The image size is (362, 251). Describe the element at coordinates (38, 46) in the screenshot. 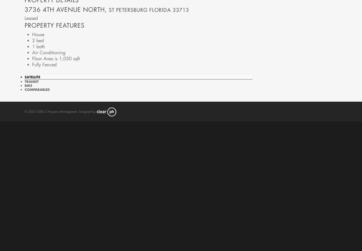

I see `'1 bath'` at that location.